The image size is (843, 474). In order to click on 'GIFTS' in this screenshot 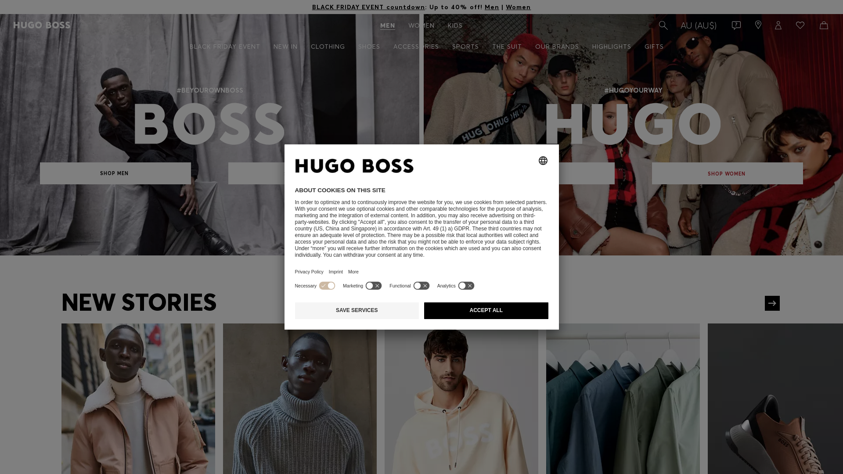, I will do `click(653, 47)`.